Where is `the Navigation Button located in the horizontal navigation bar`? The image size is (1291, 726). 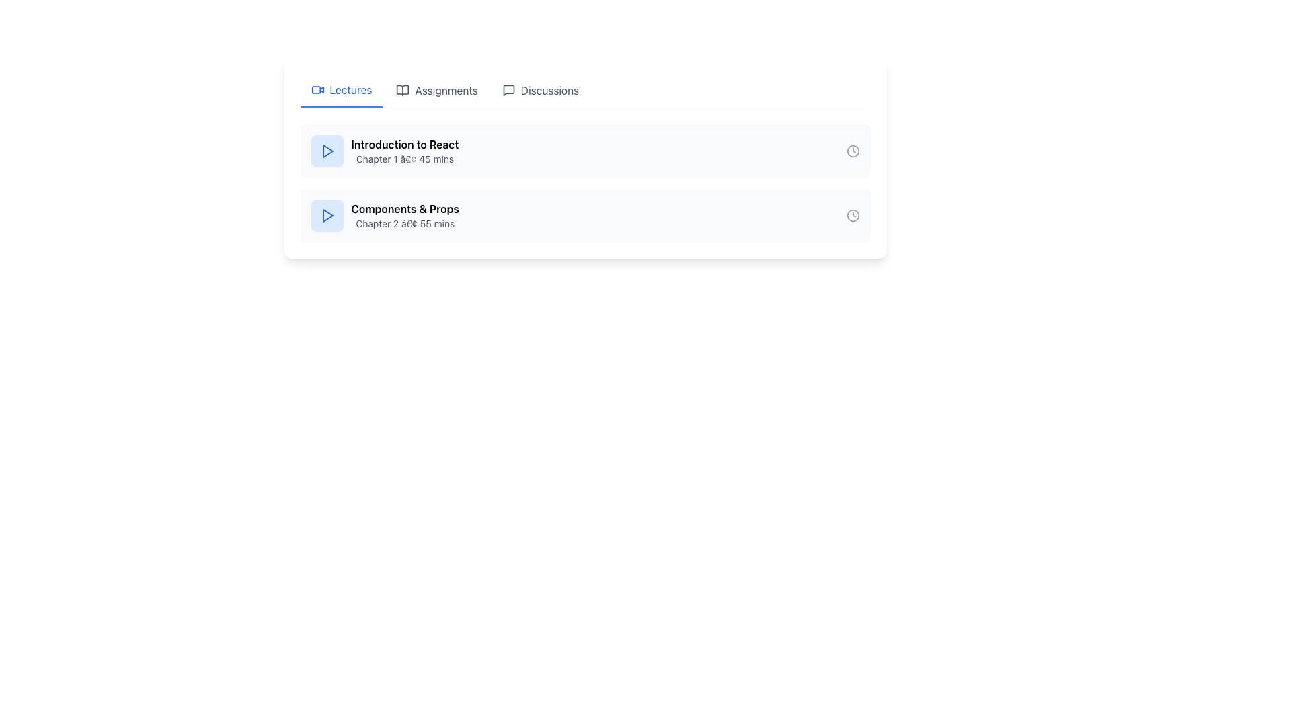 the Navigation Button located in the horizontal navigation bar is located at coordinates (437, 91).